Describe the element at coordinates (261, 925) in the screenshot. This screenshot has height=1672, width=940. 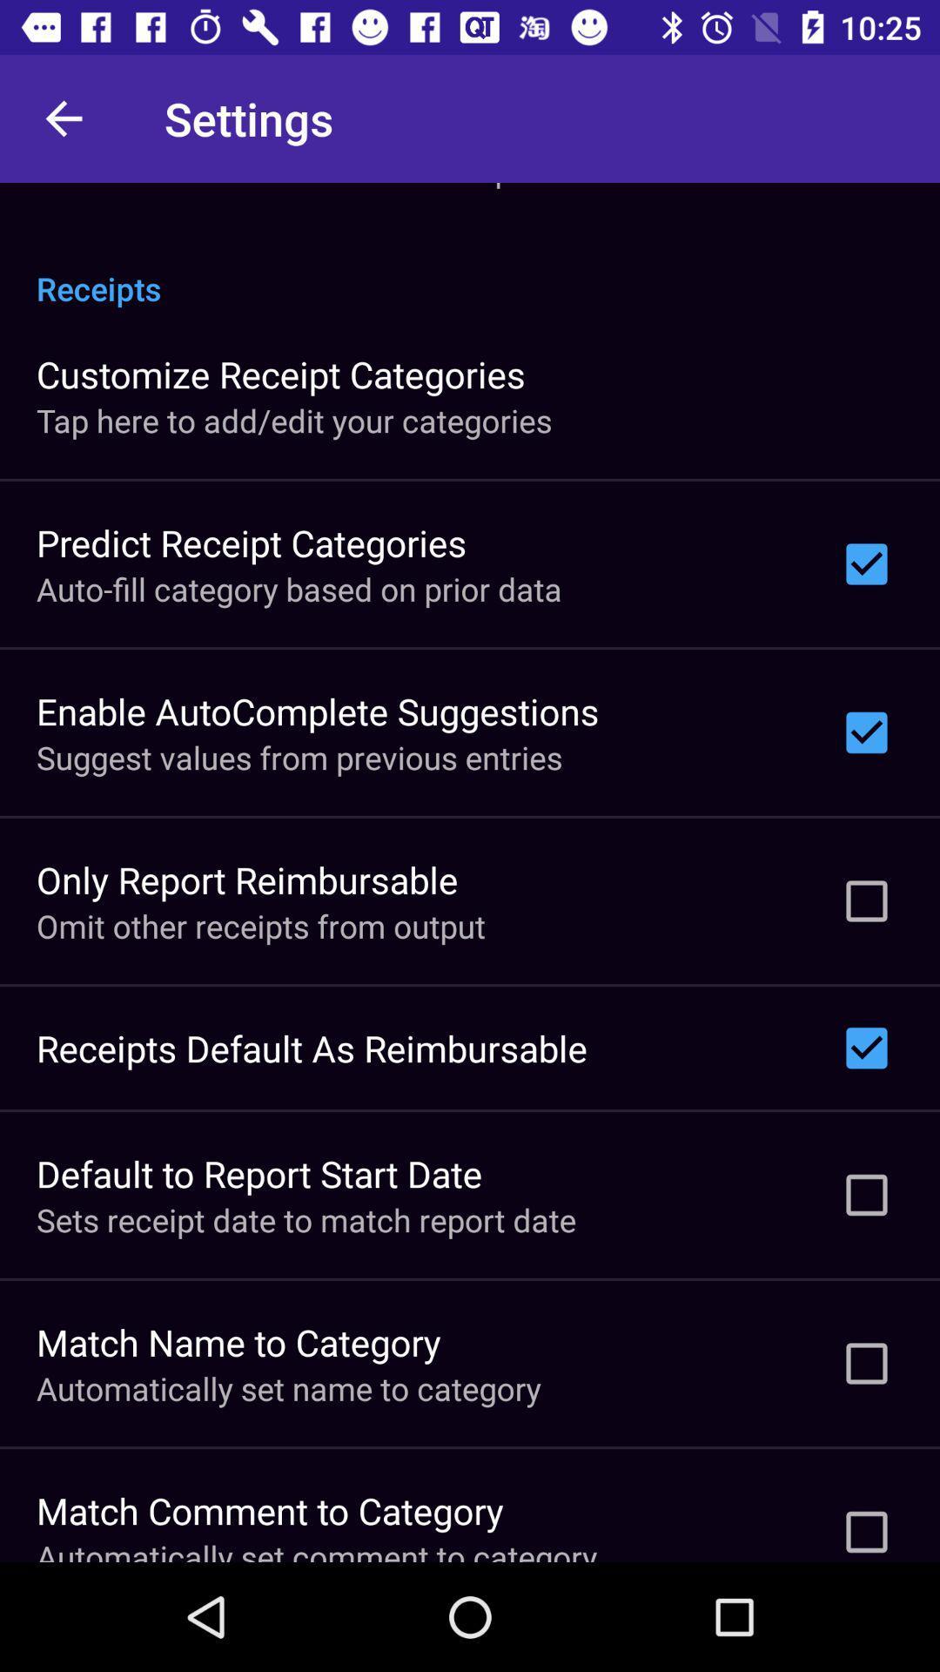
I see `the item above receipts default as` at that location.